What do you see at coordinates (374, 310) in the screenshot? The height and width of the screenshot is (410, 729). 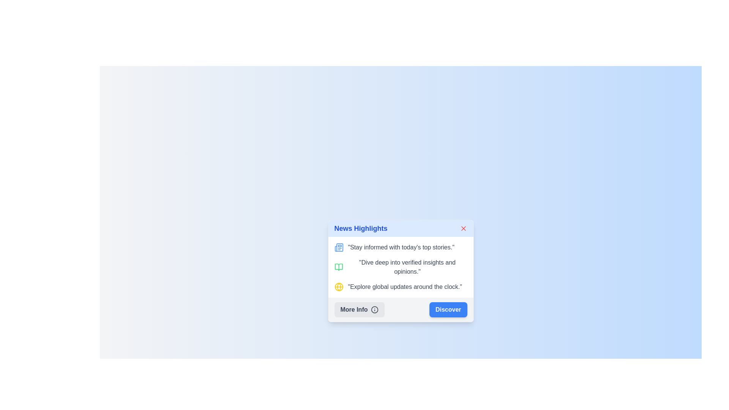 I see `the circular information icon featuring an 'i' symbol, which is part of the 'More Info' button in the 'News Highlights' popup panel` at bounding box center [374, 310].